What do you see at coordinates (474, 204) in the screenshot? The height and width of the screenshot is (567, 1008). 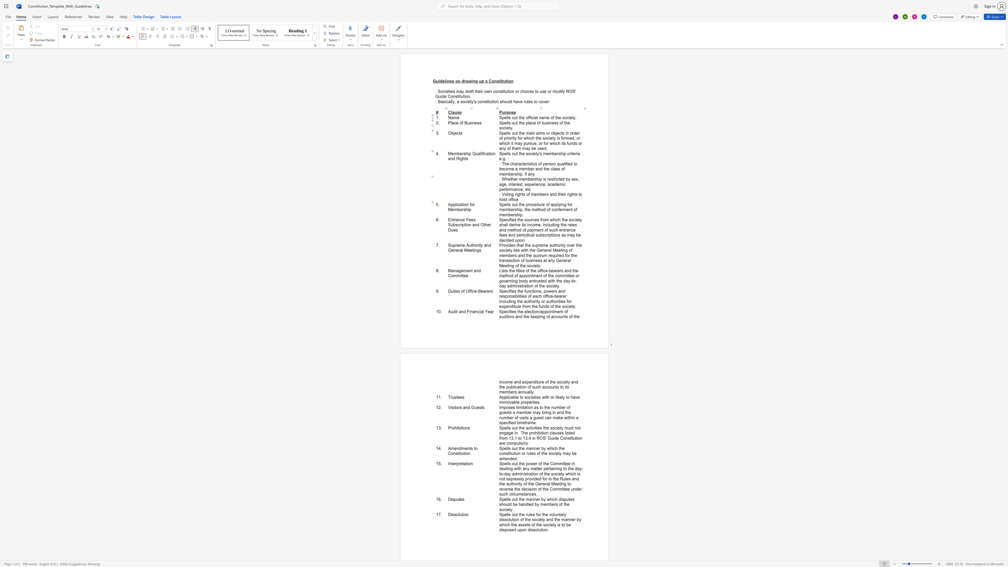 I see `the 1th character "r" in the text` at bounding box center [474, 204].